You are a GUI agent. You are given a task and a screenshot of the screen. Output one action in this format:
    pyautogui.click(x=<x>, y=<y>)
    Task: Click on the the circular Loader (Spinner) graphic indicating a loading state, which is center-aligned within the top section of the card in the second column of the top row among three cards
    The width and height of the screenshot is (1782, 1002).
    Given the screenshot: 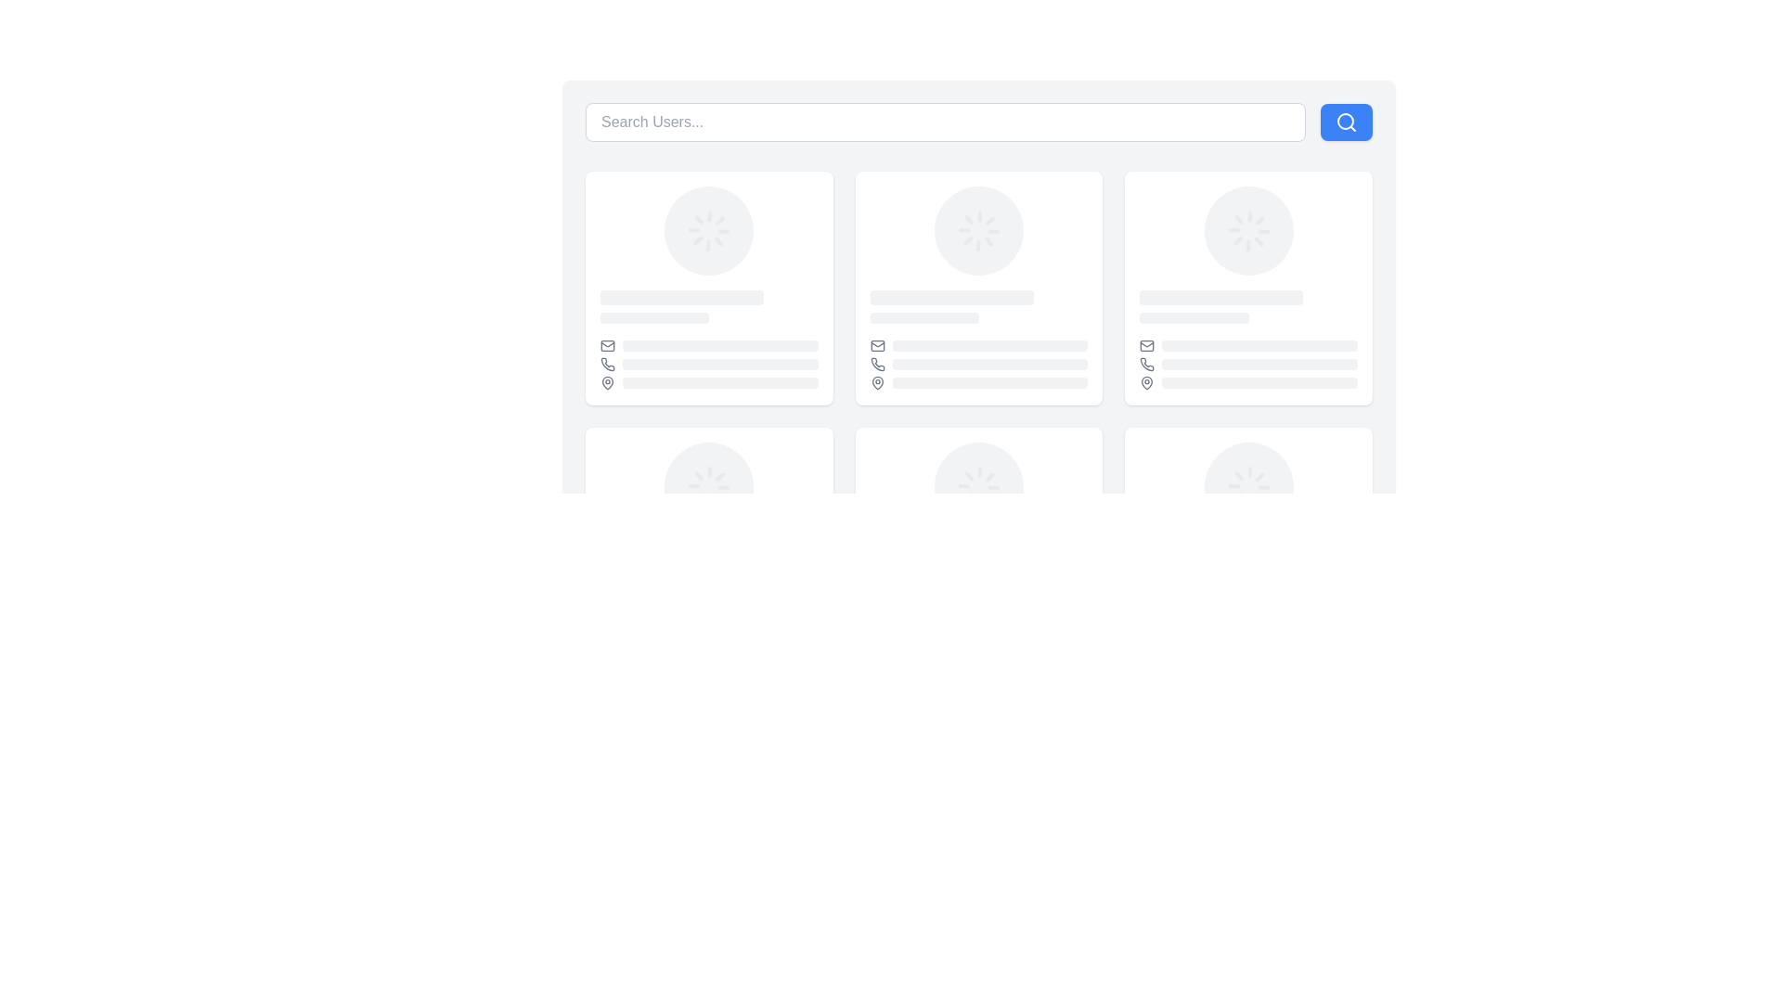 What is the action you would take?
    pyautogui.click(x=978, y=230)
    